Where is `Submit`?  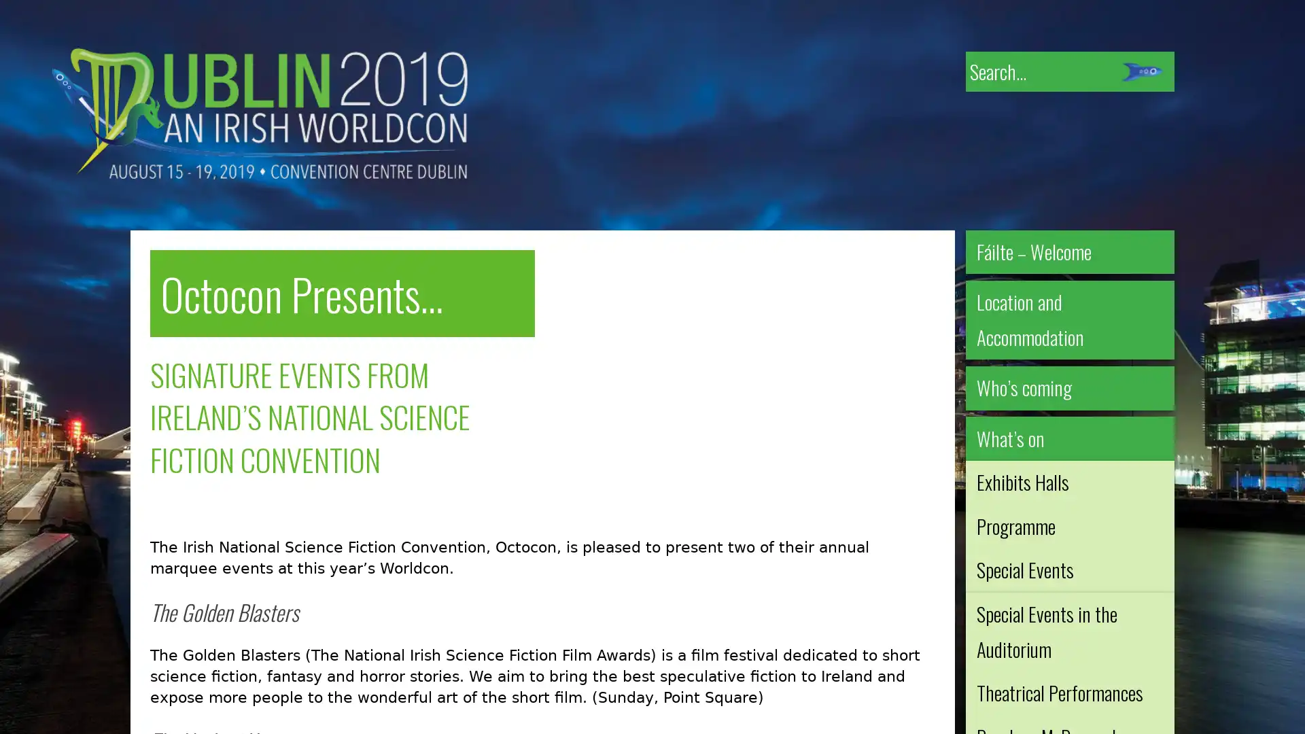 Submit is located at coordinates (1142, 72).